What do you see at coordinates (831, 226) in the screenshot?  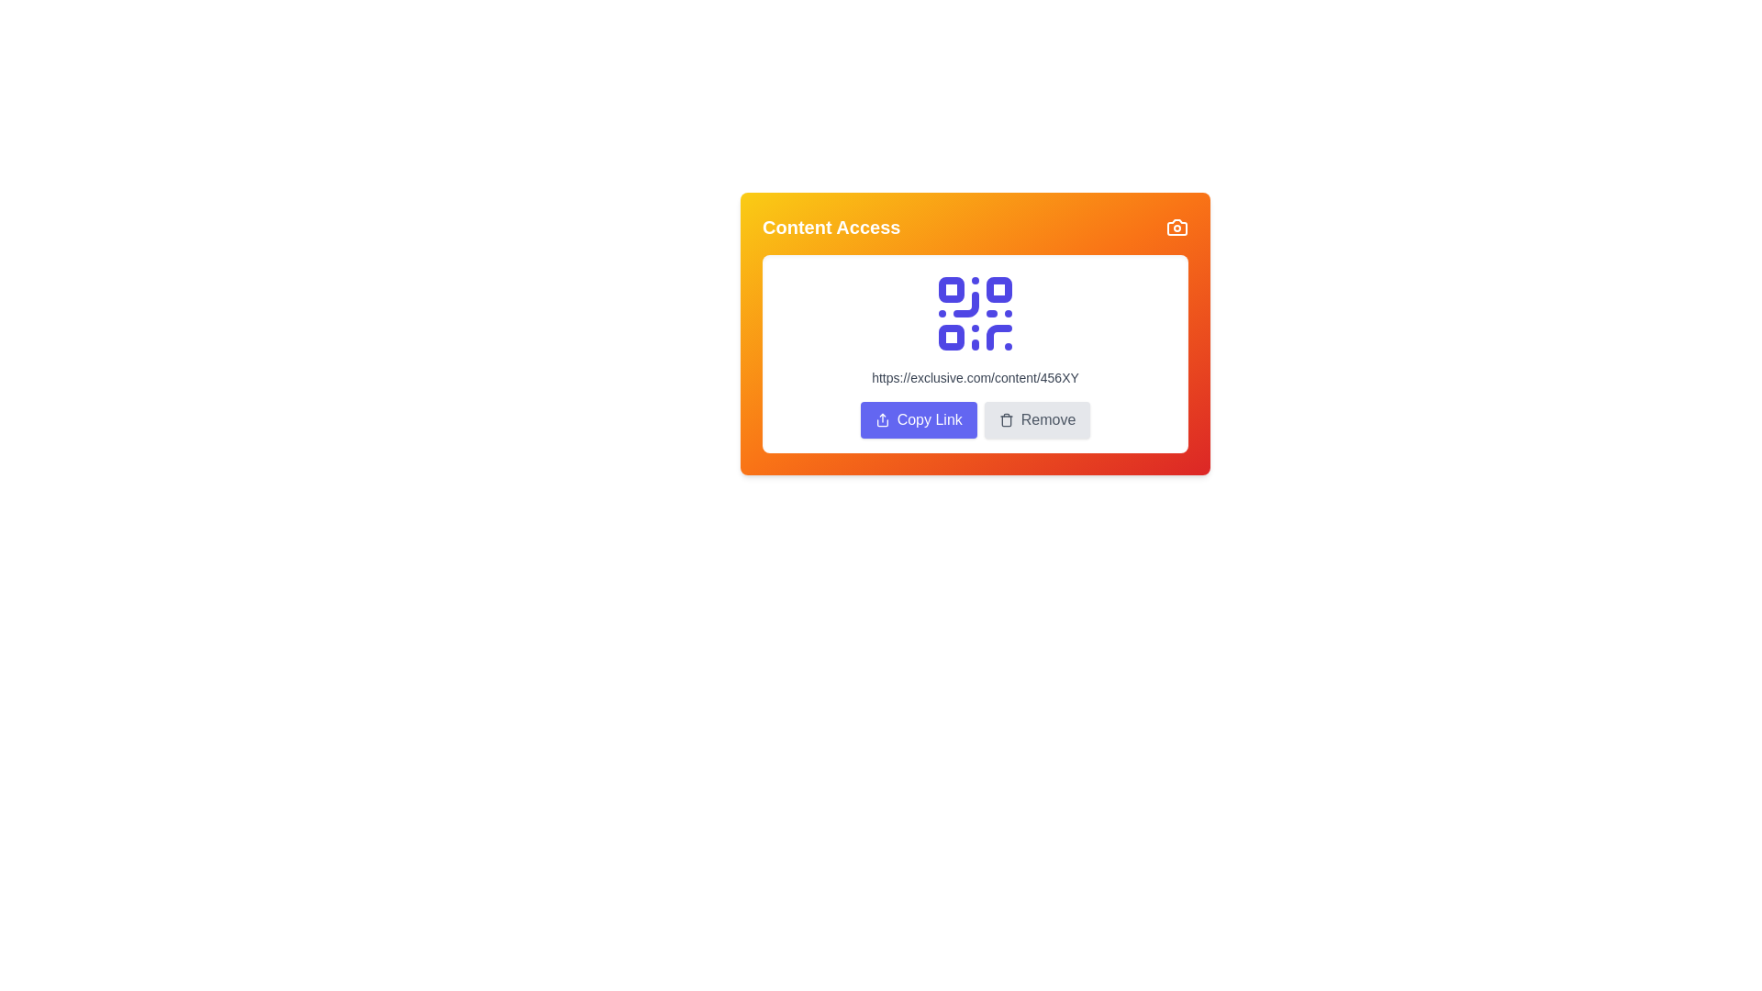 I see `text displayed in the header label of the card interface, which is positioned at the top-left corner with a gradient orange-red background` at bounding box center [831, 226].